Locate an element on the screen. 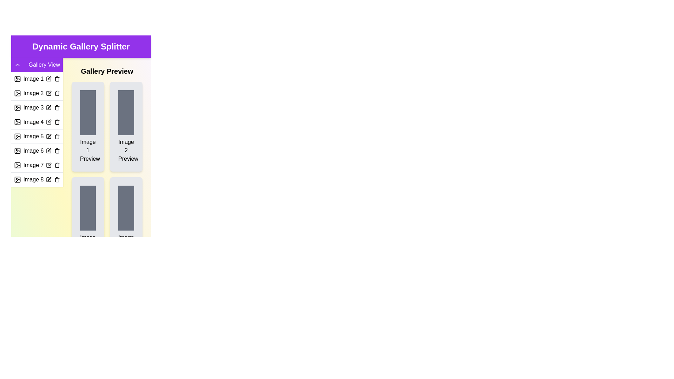  the trash can icon button located at the right of 'Image 6' in the gallery listing is located at coordinates (57, 150).